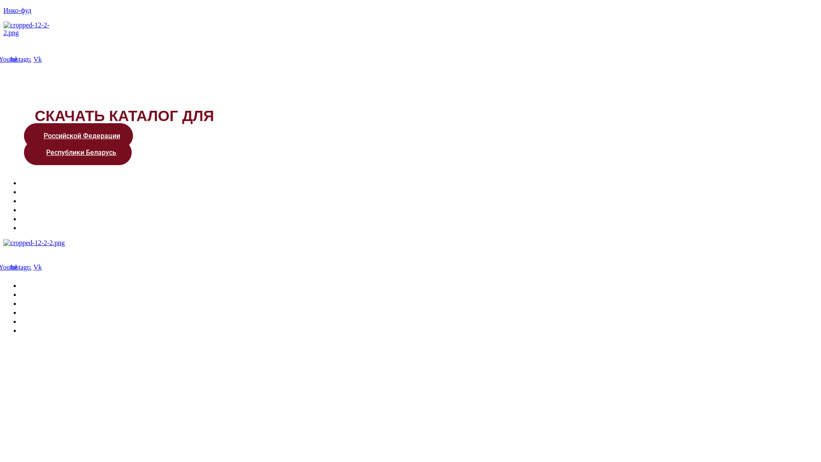  Describe the element at coordinates (31, 59) in the screenshot. I see `'Vk'` at that location.